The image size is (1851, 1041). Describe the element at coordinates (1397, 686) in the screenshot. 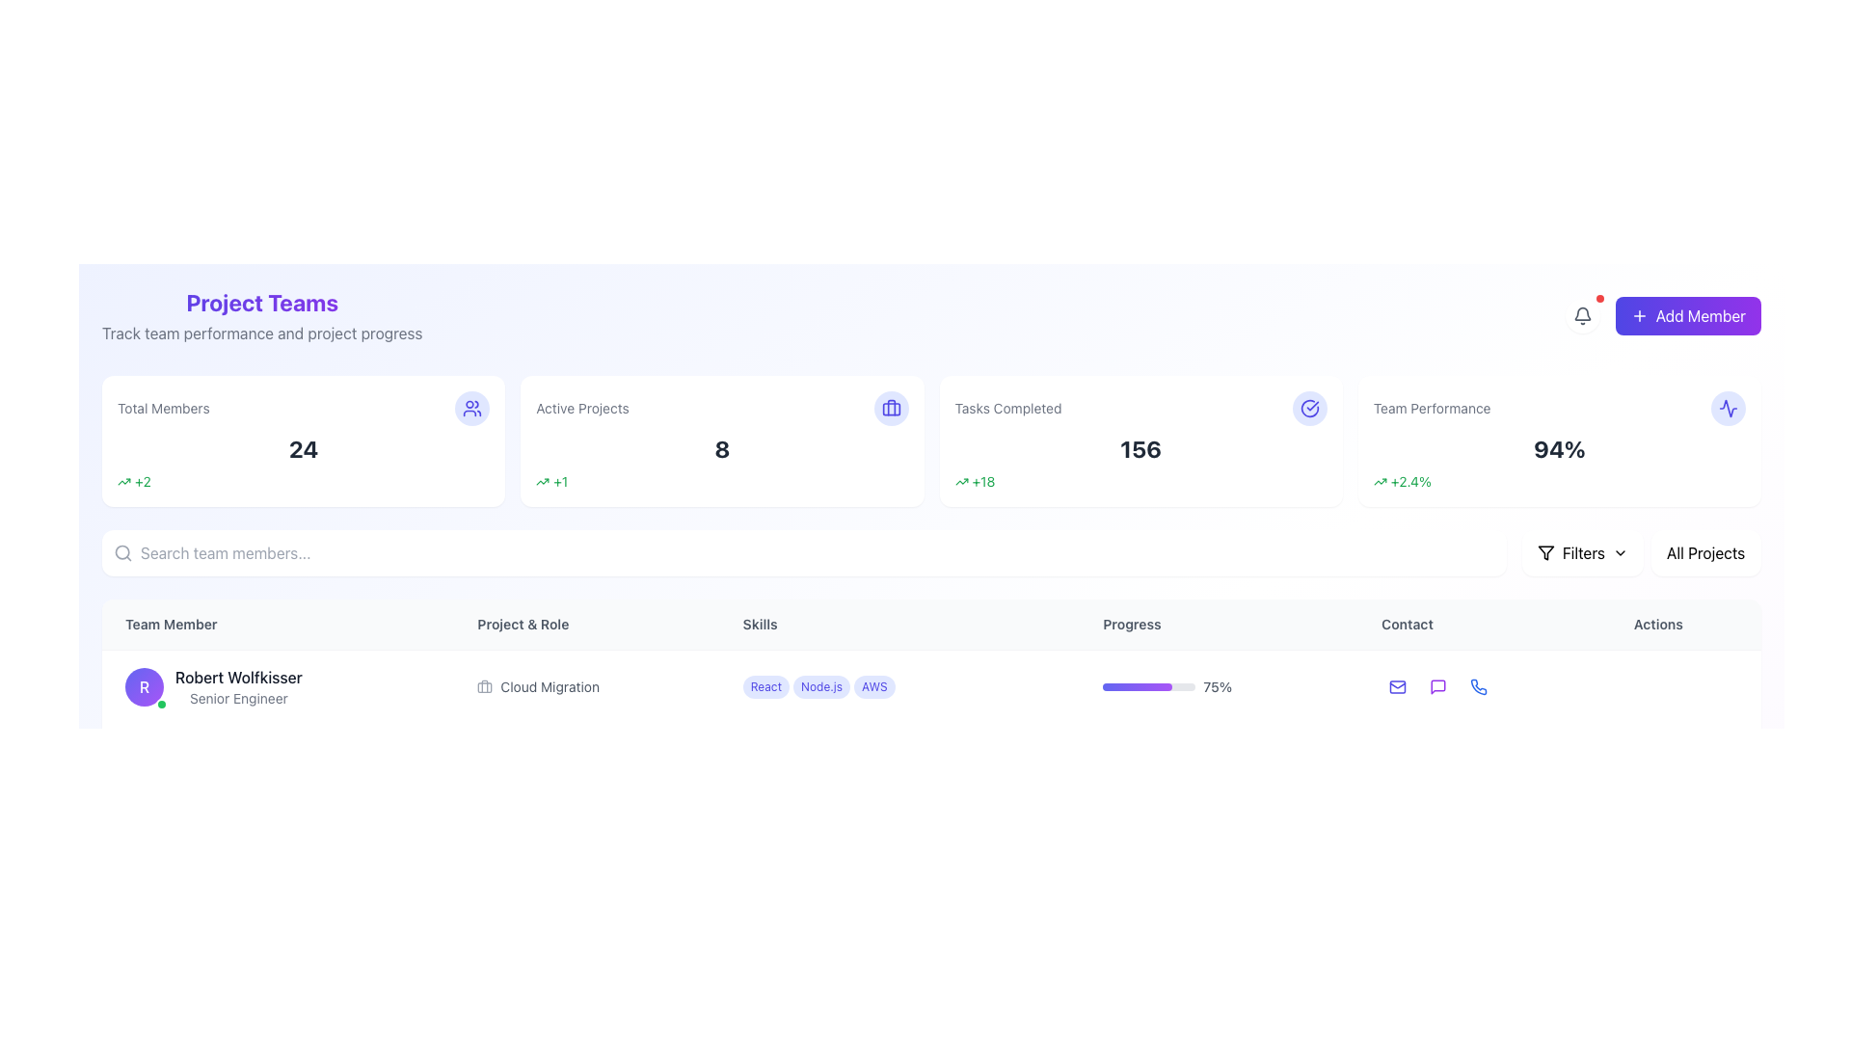

I see `the email icon styled as an outlined envelope located in the 'Contact' column of the first row of the team members' table to email the team member` at that location.